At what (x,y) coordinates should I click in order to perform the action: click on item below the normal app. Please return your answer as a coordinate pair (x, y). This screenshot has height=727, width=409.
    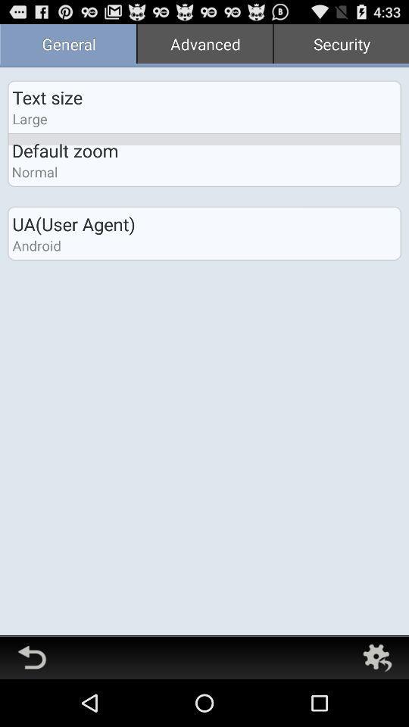
    Looking at the image, I should click on (73, 223).